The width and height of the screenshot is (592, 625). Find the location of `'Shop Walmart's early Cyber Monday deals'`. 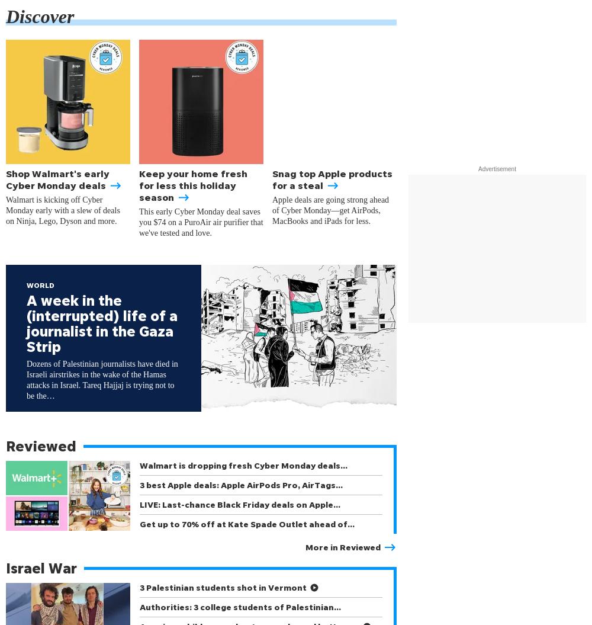

'Shop Walmart's early Cyber Monday deals' is located at coordinates (63, 178).